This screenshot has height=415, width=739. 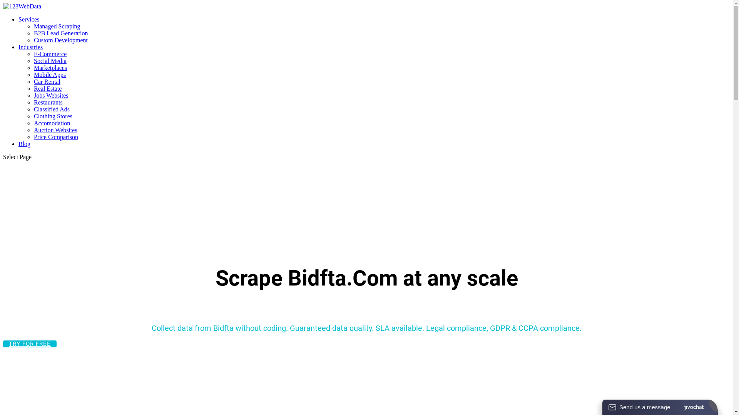 I want to click on 'Jobs Websites', so click(x=51, y=95).